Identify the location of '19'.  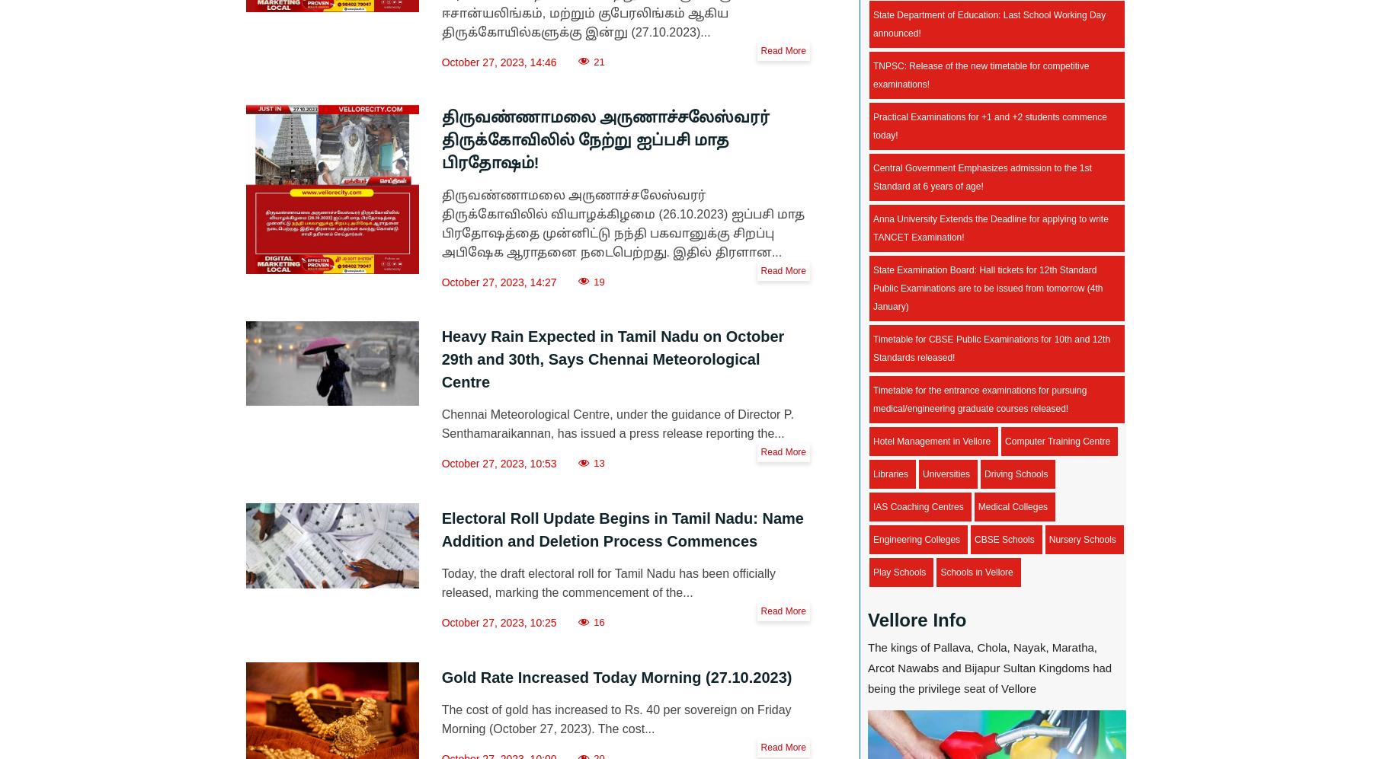
(598, 281).